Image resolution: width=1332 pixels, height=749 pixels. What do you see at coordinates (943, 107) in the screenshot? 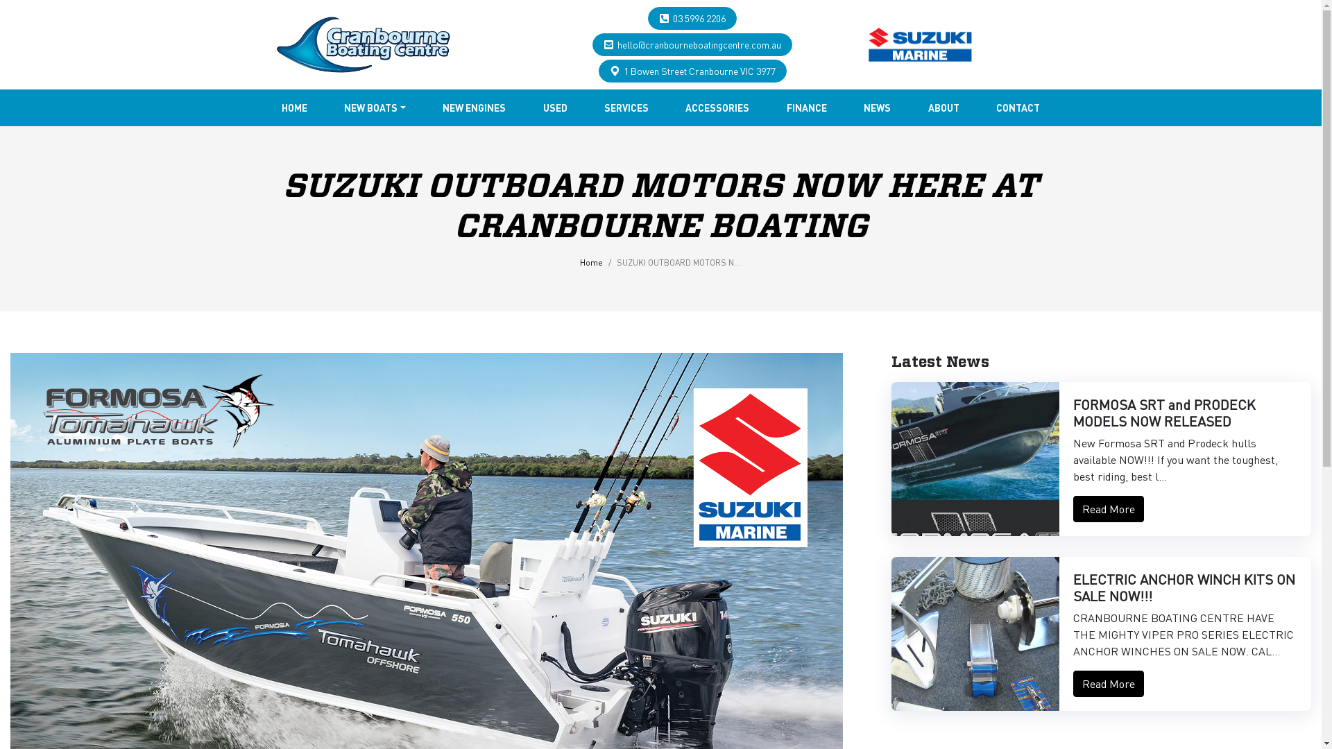
I see `'ABOUT'` at bounding box center [943, 107].